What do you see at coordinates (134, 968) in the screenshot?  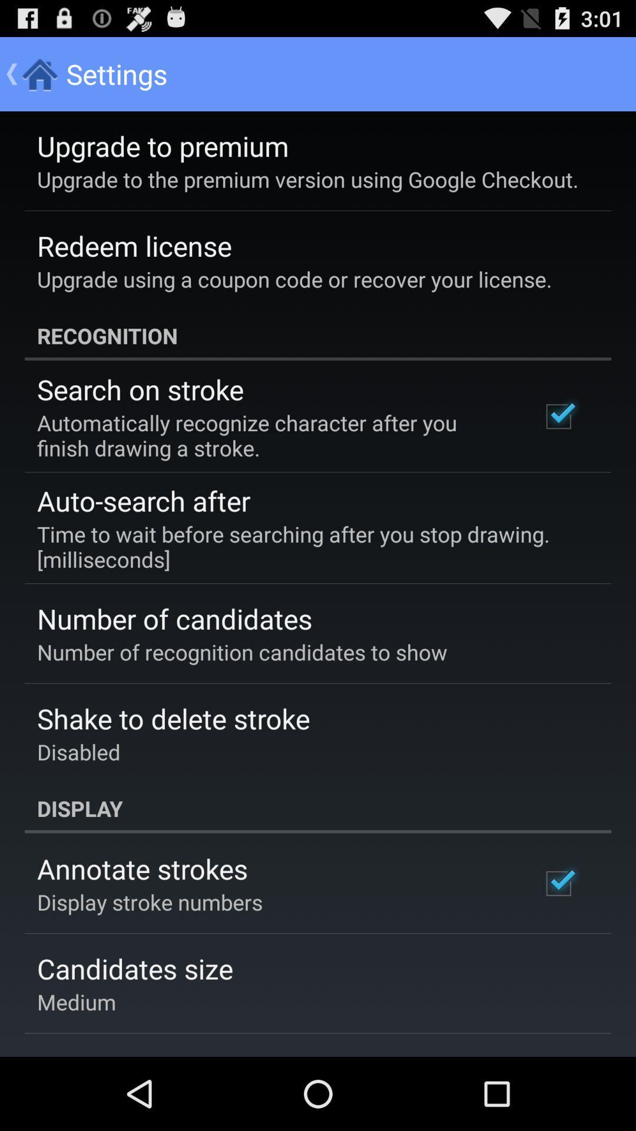 I see `the candidates size item` at bounding box center [134, 968].